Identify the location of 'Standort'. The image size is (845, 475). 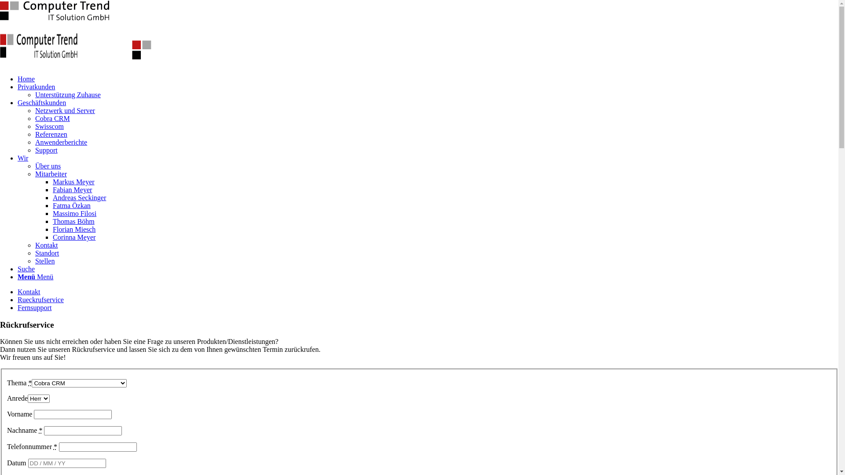
(46, 253).